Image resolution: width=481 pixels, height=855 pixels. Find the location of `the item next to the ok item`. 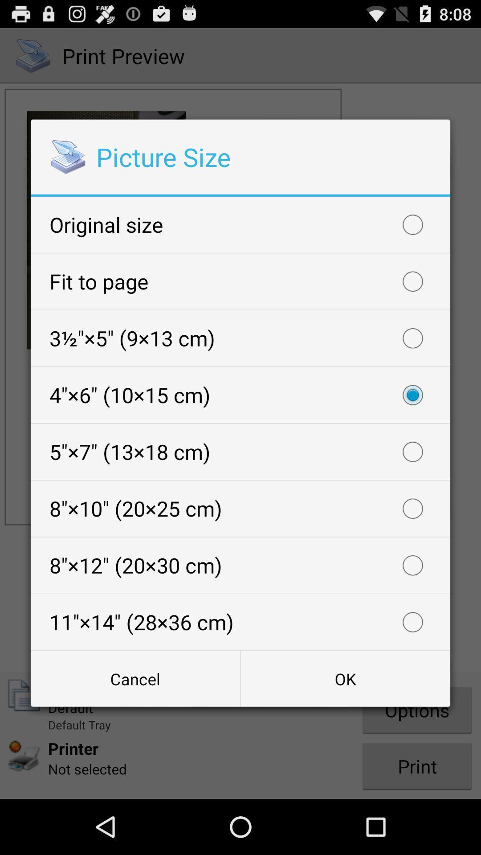

the item next to the ok item is located at coordinates (135, 678).